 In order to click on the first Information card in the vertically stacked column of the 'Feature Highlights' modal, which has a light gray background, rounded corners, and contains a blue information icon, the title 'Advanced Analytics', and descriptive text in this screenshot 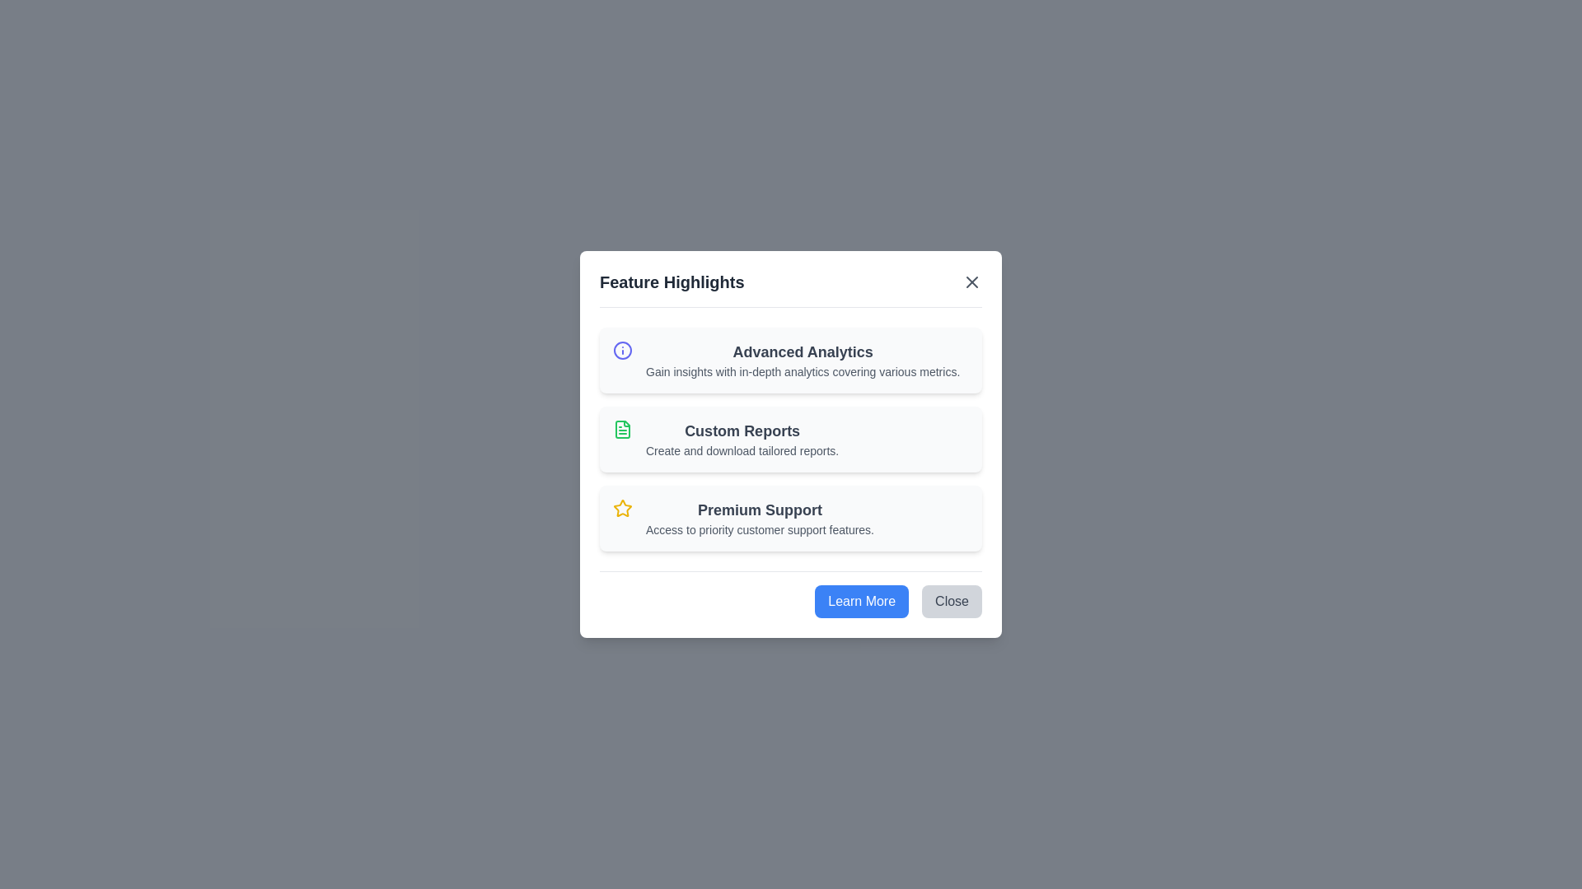, I will do `click(791, 360)`.